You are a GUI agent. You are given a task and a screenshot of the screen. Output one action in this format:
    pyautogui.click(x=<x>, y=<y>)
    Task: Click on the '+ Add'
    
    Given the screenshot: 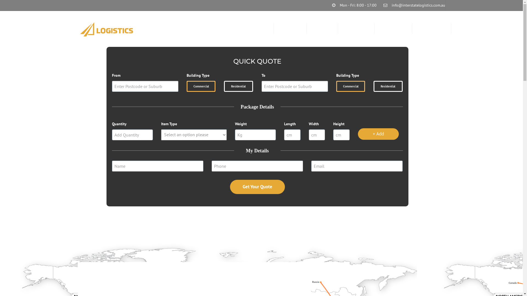 What is the action you would take?
    pyautogui.click(x=378, y=134)
    